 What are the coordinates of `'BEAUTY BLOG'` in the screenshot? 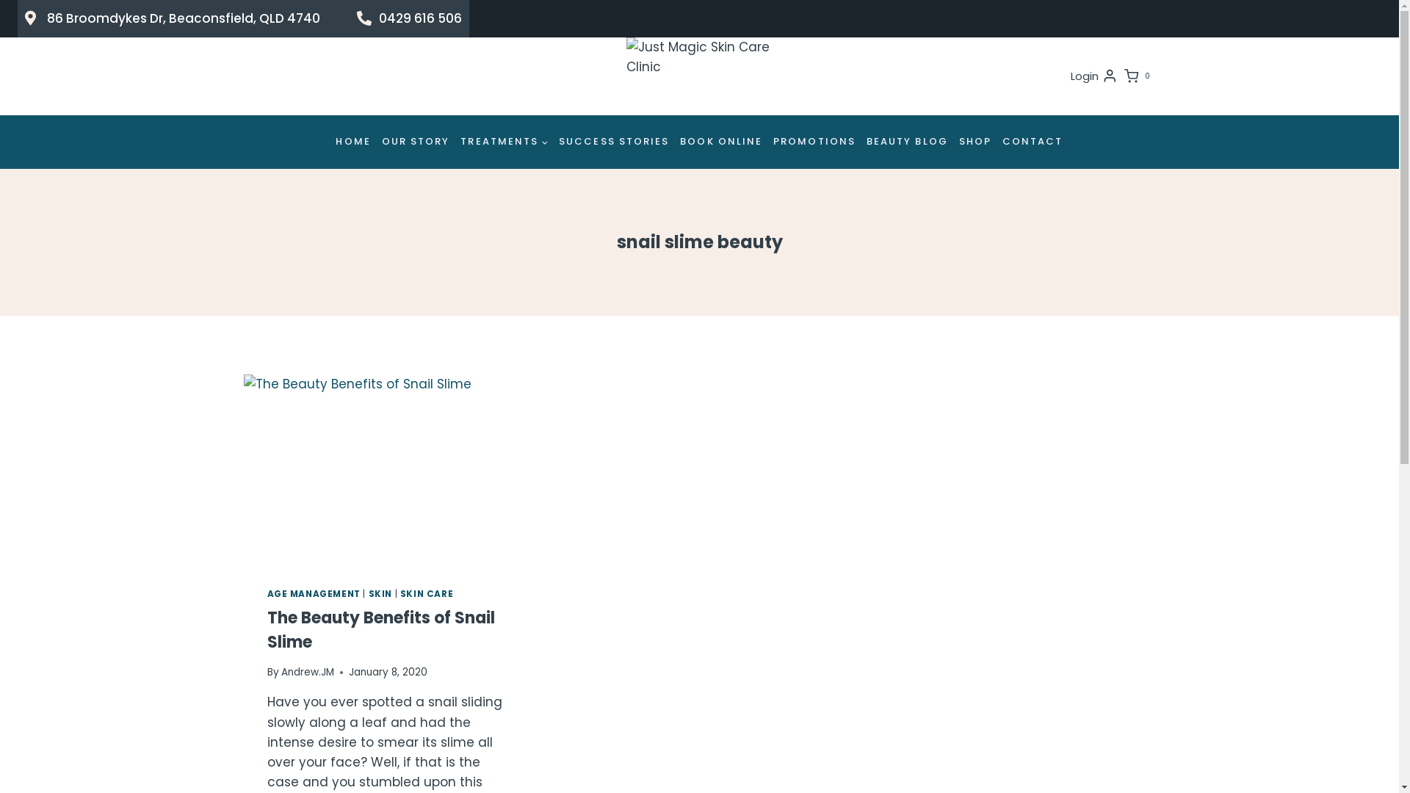 It's located at (905, 142).